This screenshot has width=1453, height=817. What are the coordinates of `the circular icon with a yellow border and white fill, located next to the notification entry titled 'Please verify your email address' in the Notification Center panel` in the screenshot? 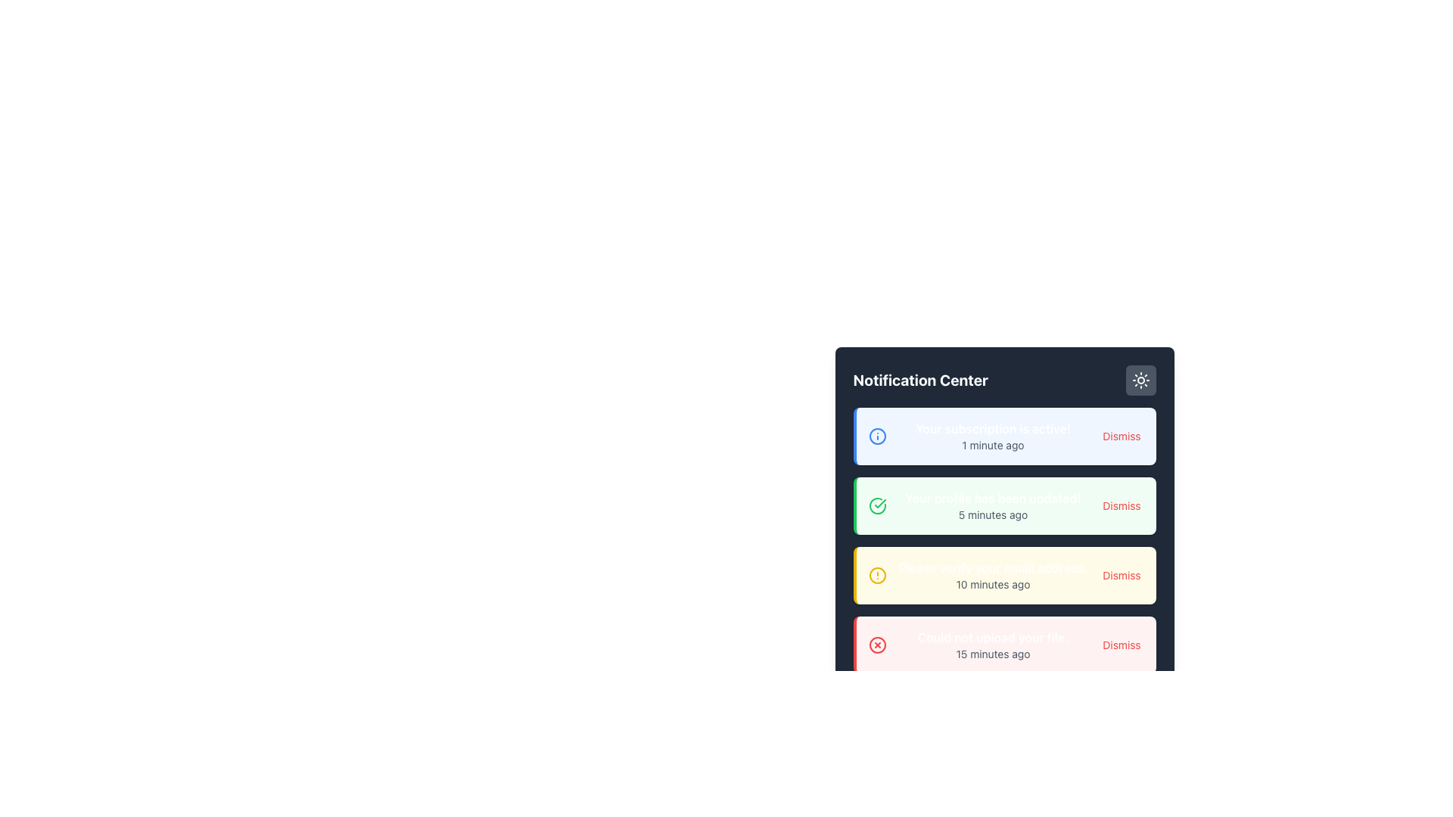 It's located at (877, 575).